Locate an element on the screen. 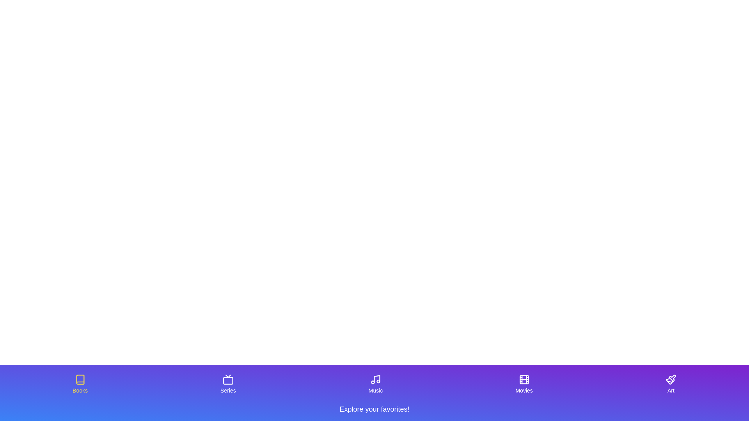  the tab labeled 'Movies' to observe its hover effect is located at coordinates (524, 384).